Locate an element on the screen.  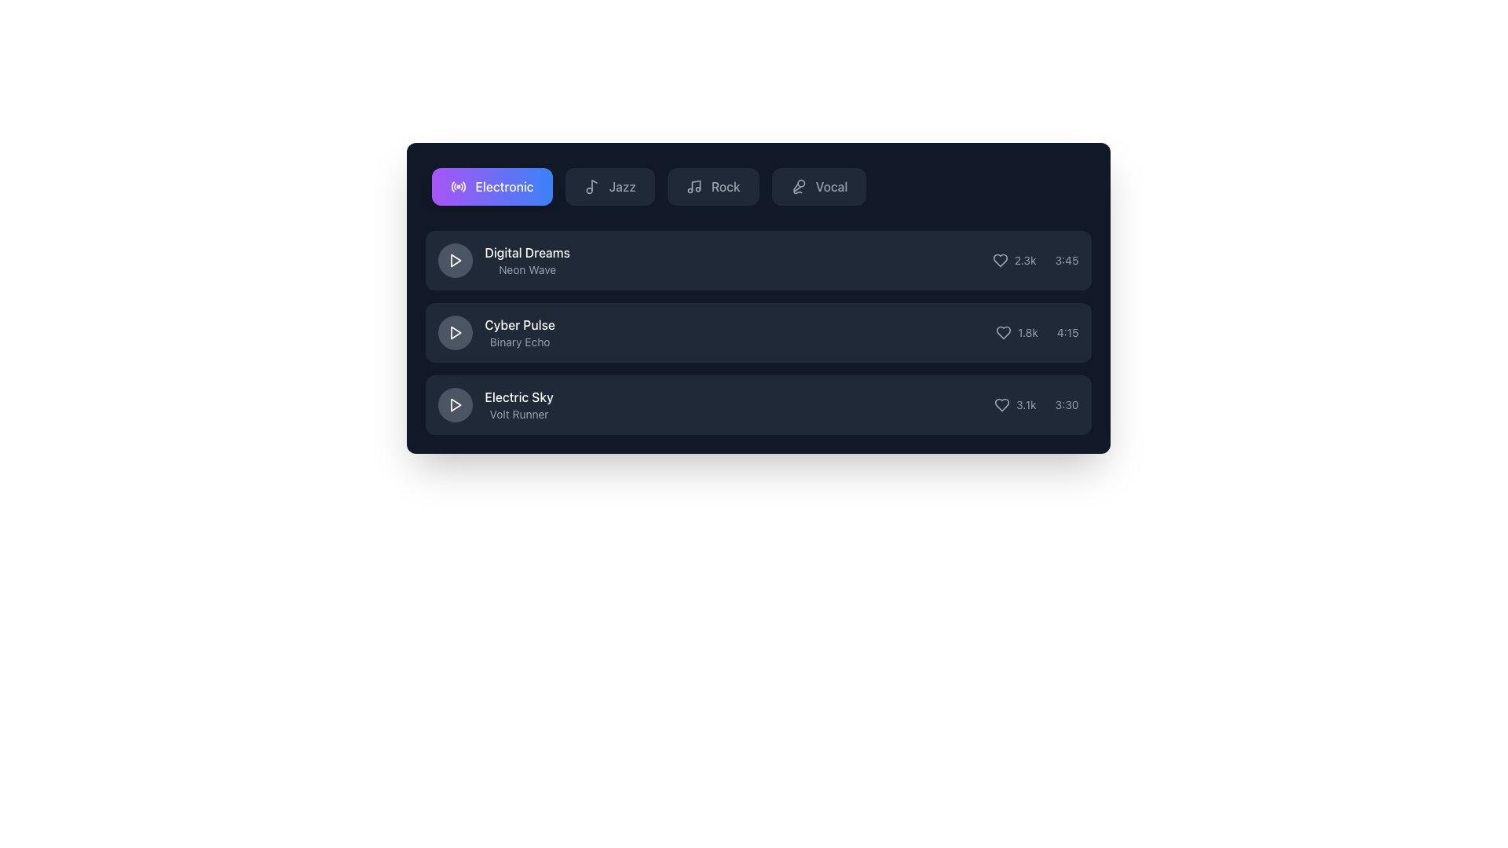
the heart-shaped icon button located to the left of the numeric display '2.3k' in the uppermost row of the 'Digital Dreams' section for keyboard interaction is located at coordinates (999, 259).